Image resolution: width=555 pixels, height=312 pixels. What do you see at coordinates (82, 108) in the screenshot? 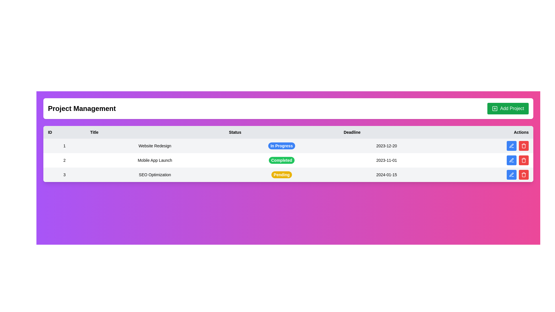
I see `the header text for the 'Project Management' section, which is positioned to the left of the 'Add Project' button` at bounding box center [82, 108].